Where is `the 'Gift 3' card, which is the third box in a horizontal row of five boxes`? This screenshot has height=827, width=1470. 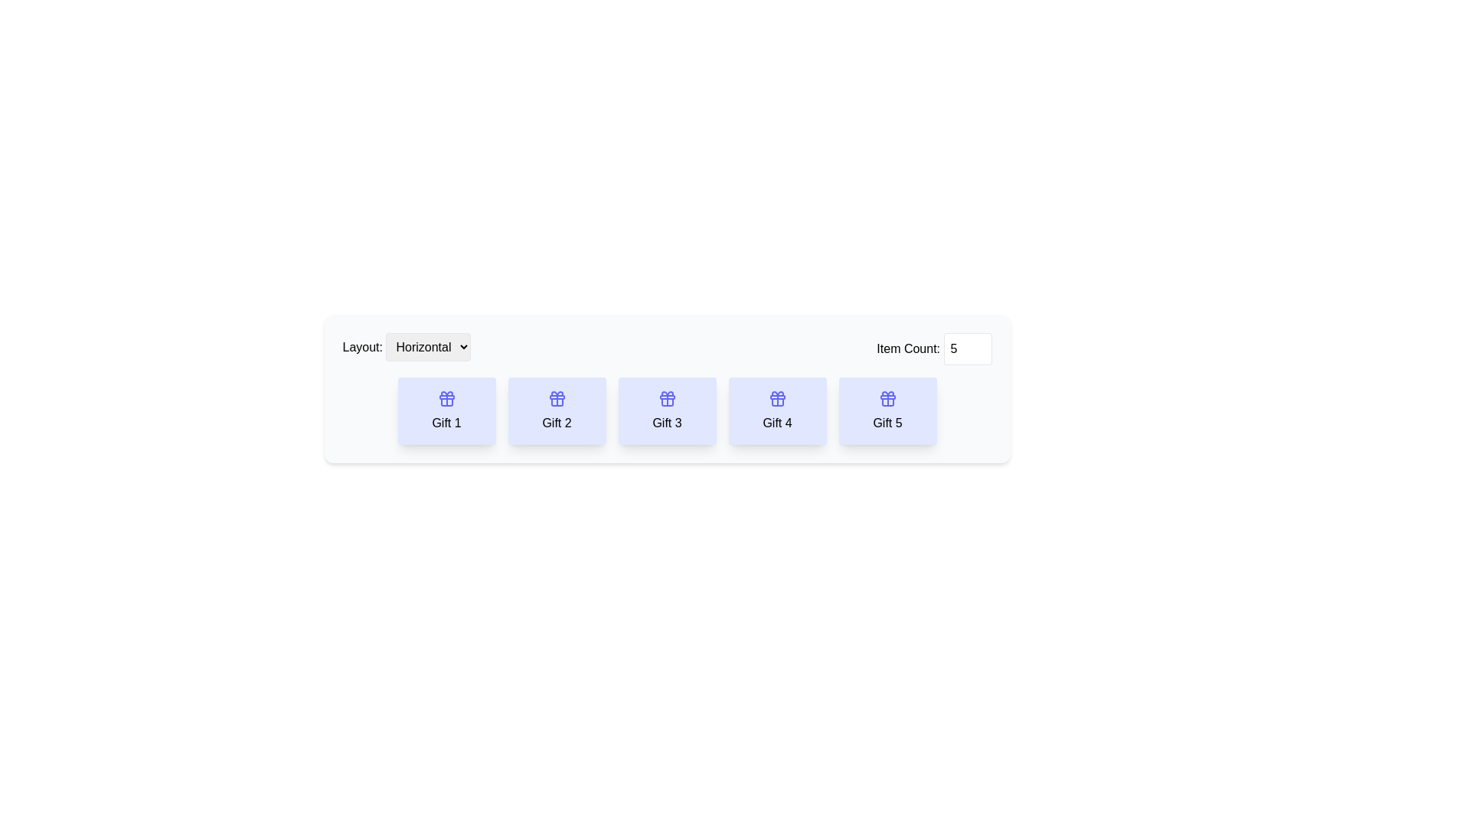 the 'Gift 3' card, which is the third box in a horizontal row of five boxes is located at coordinates (667, 410).